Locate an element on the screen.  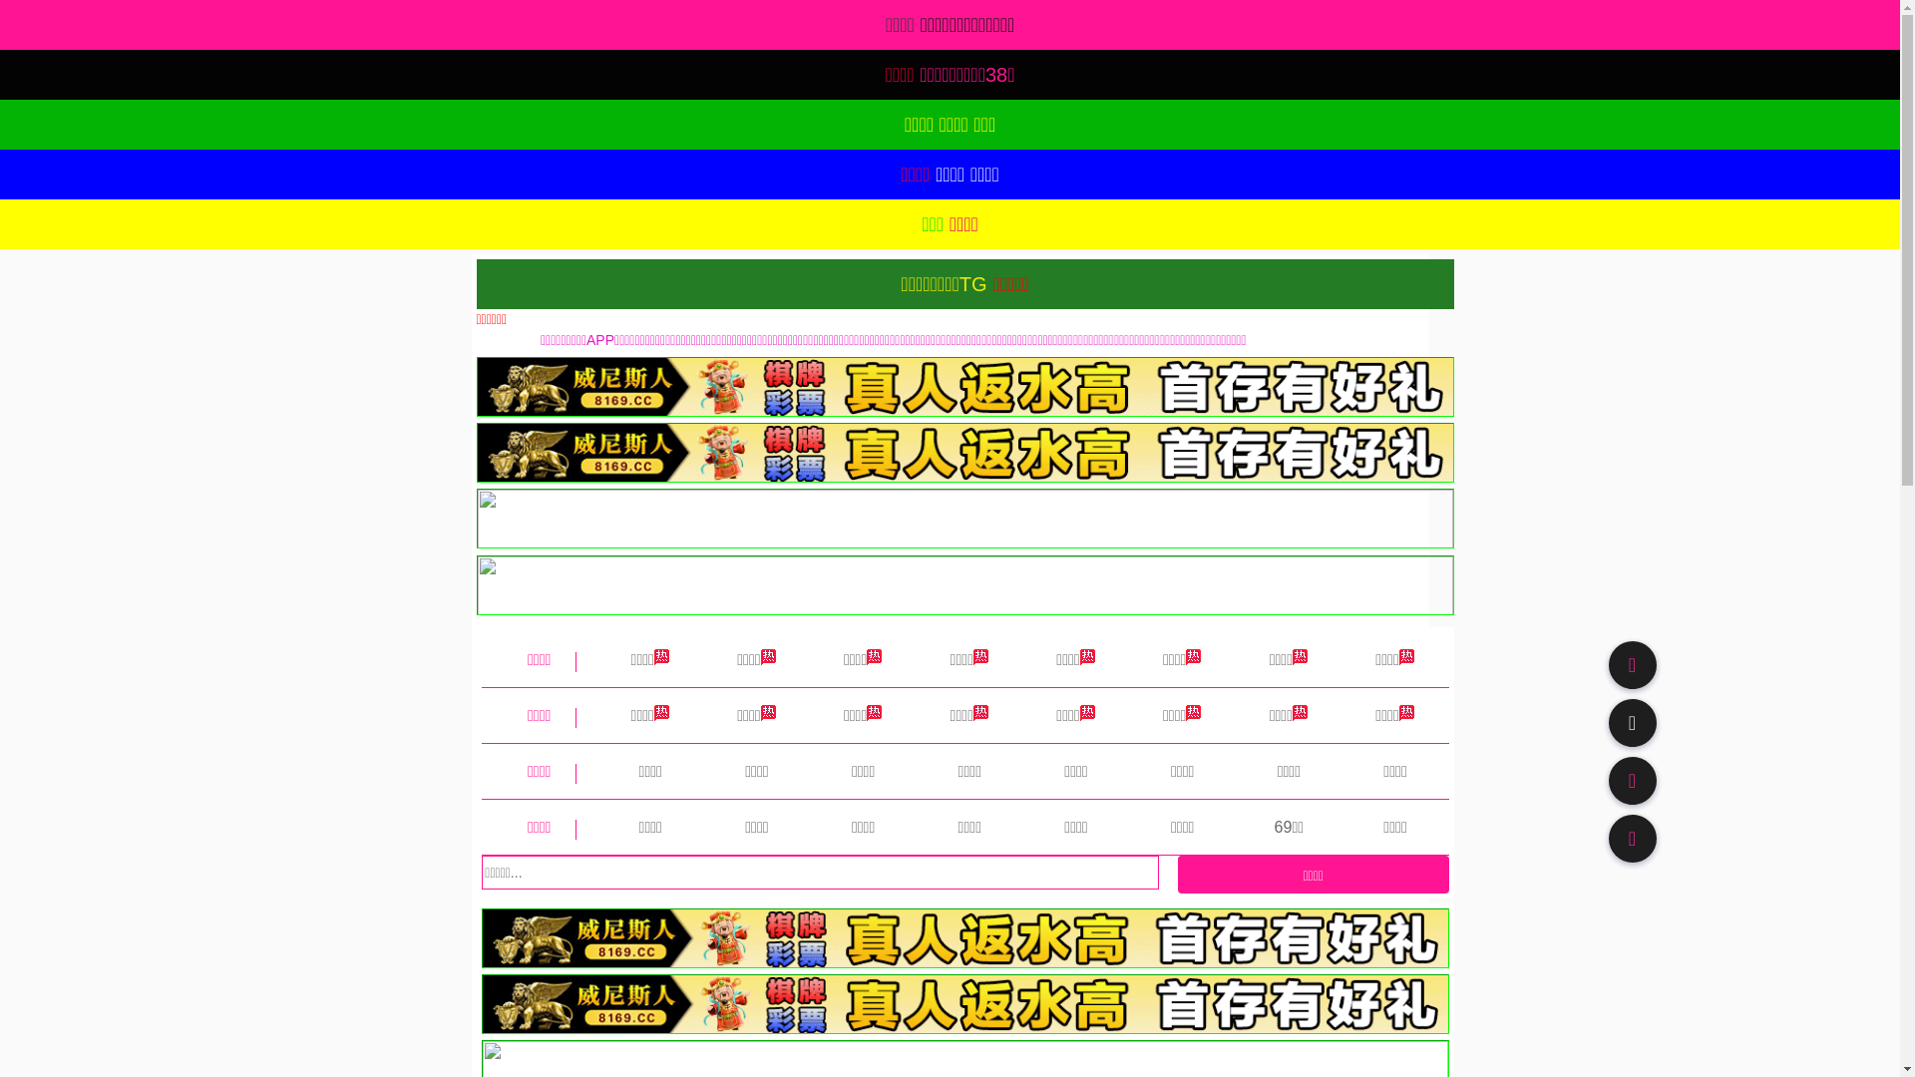
'91TV' is located at coordinates (1632, 780).